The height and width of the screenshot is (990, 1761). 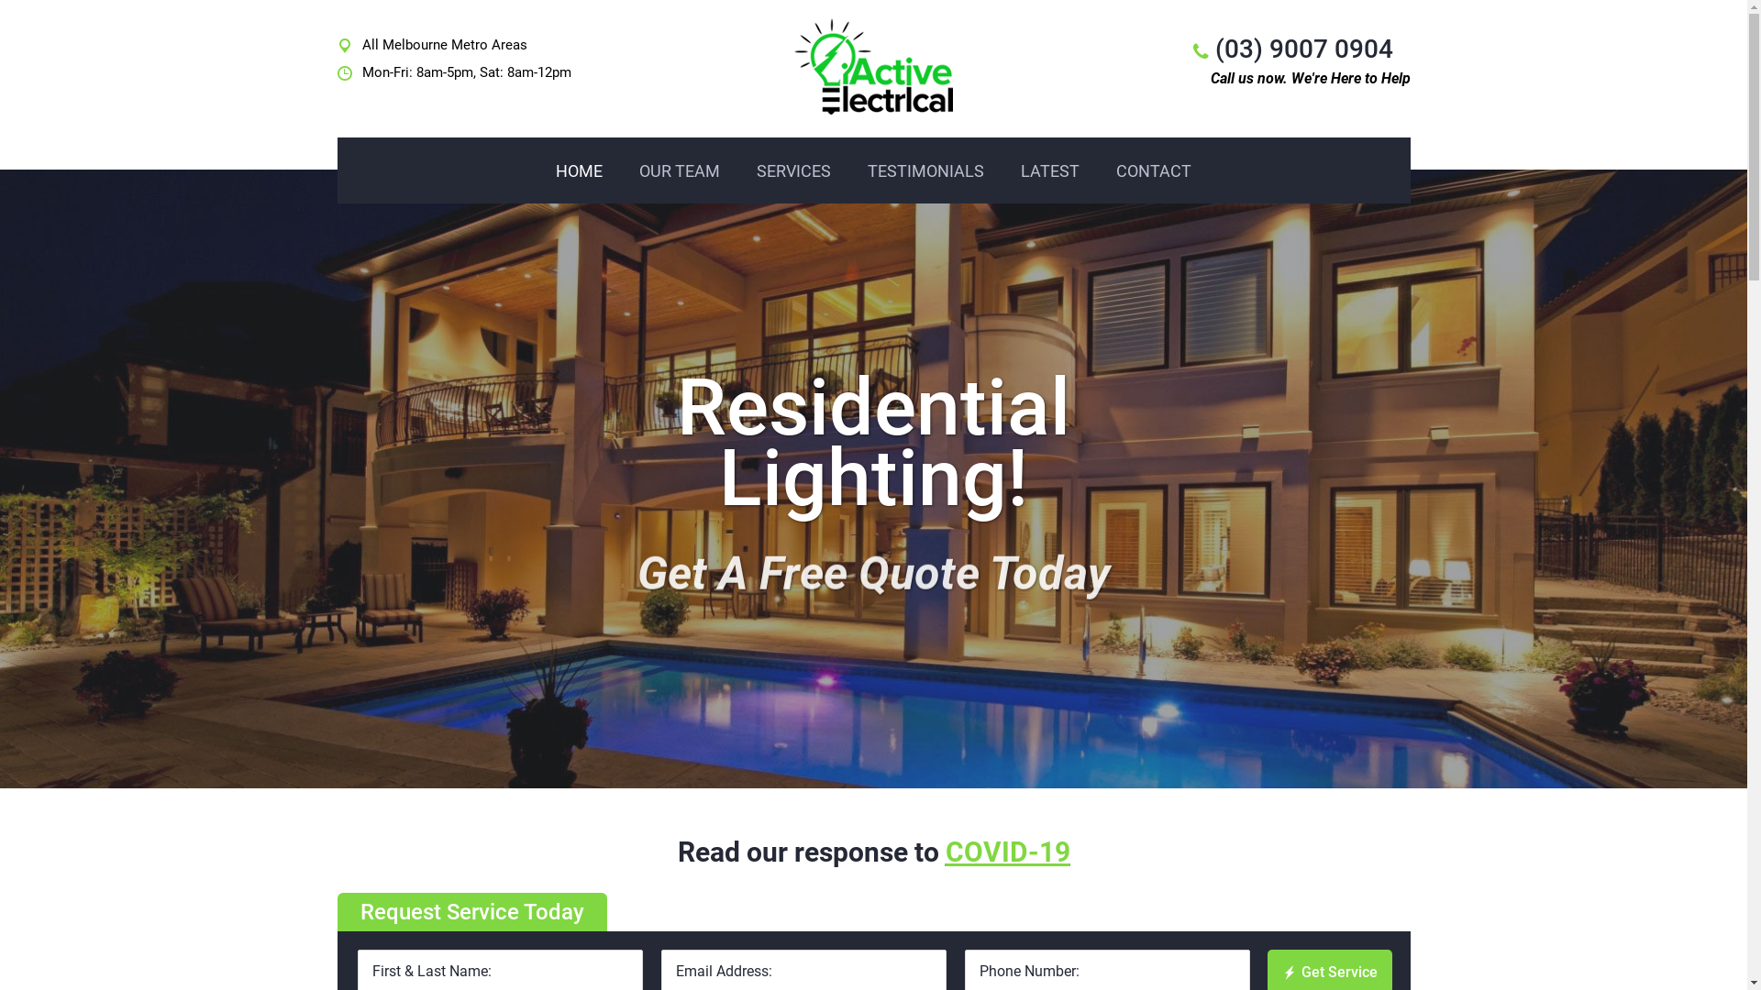 I want to click on 'LATEST', so click(x=1002, y=170).